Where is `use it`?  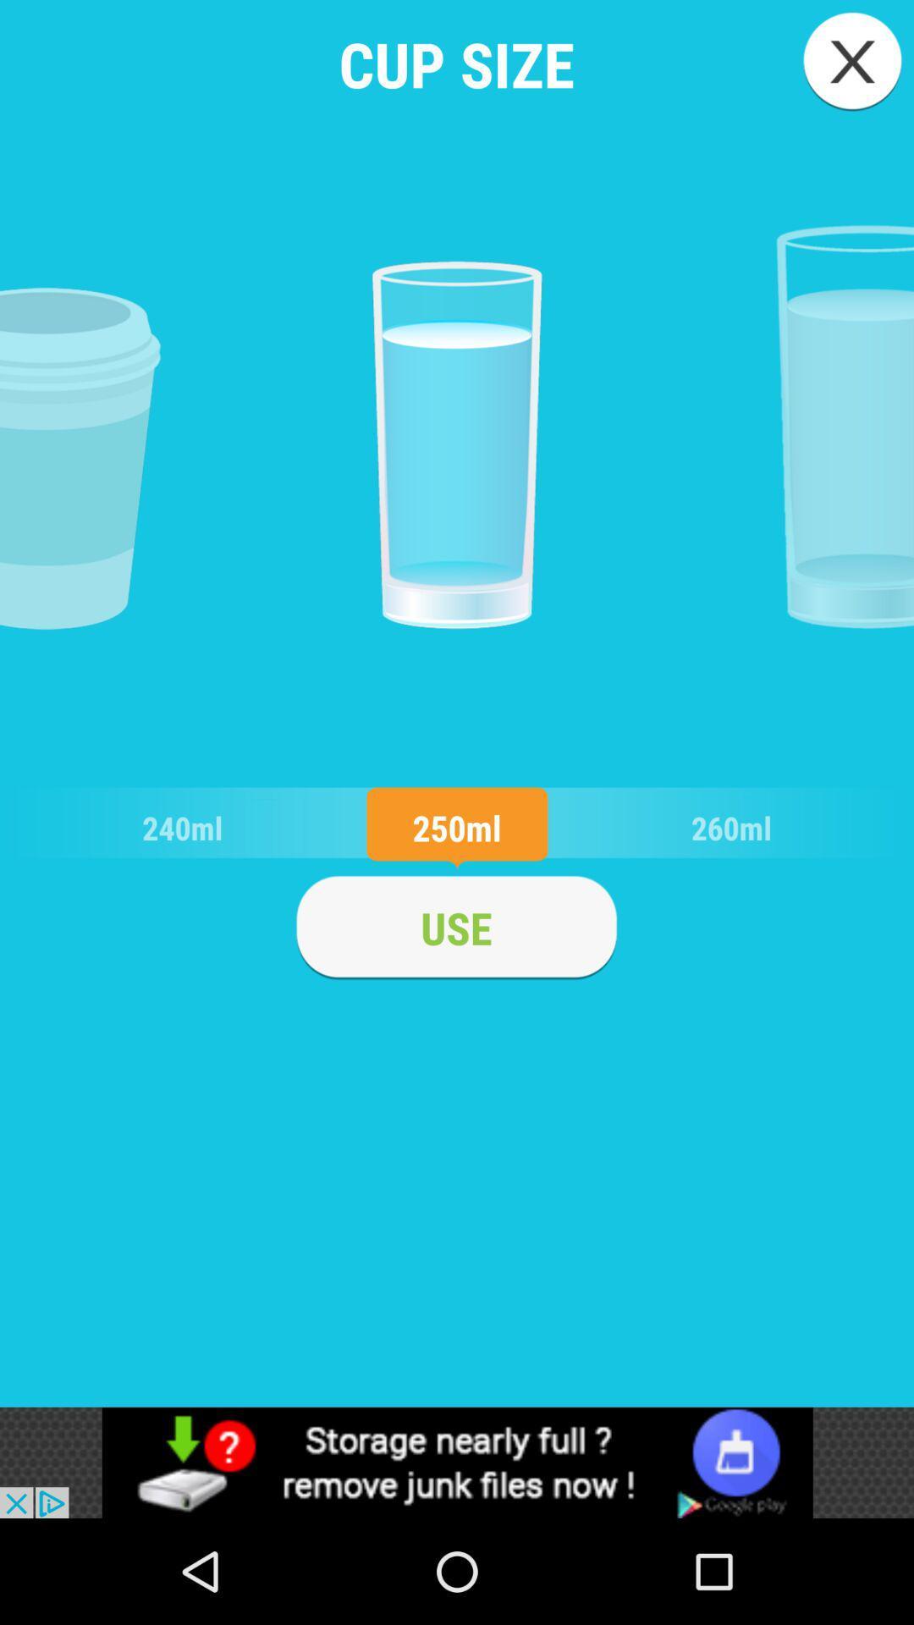
use it is located at coordinates (455, 927).